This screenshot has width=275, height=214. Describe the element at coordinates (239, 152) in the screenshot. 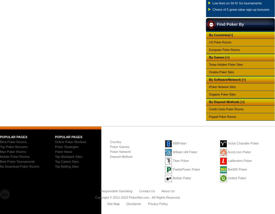

I see `'Aced.com Poker'` at that location.